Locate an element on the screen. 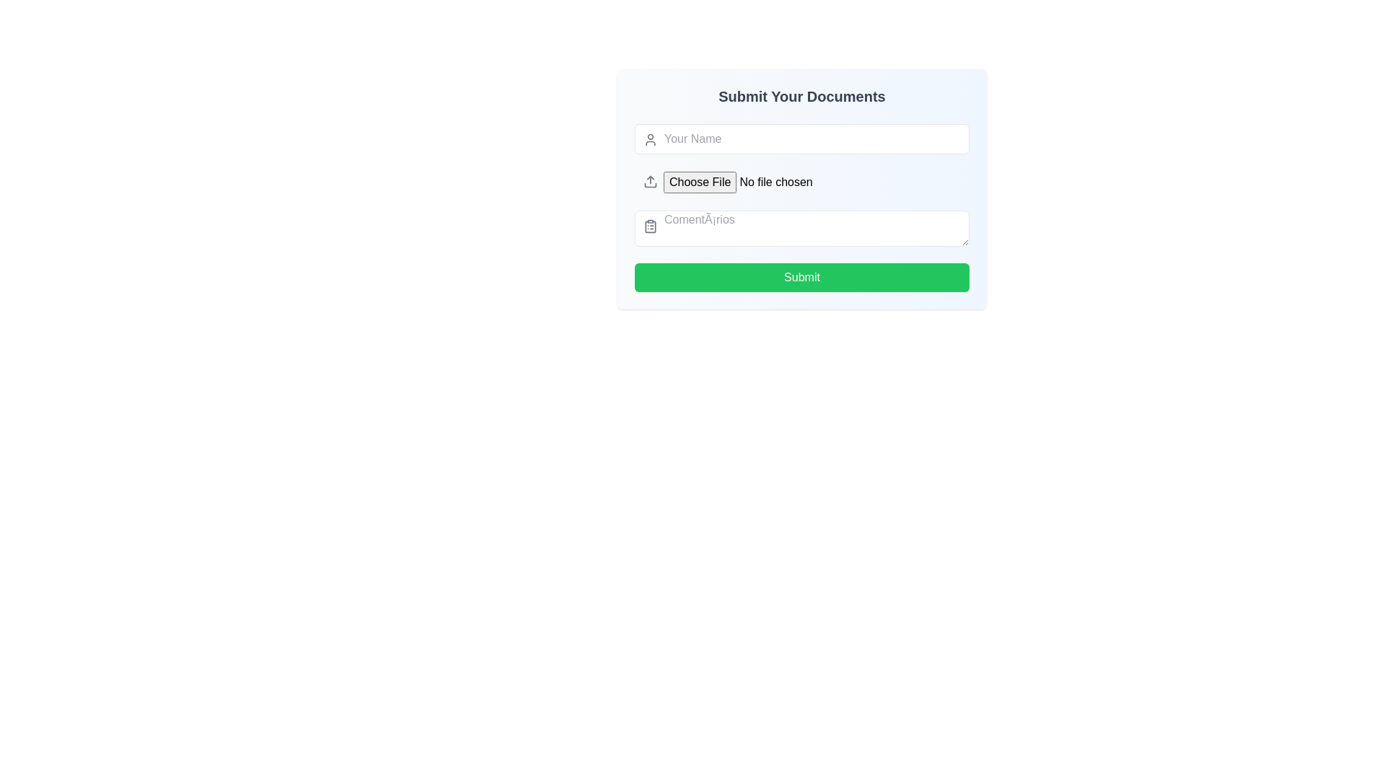 The image size is (1385, 779). the SVG graphical object representing the main body of the clipboard icon located in the upper-left corner of the 'Comentarios' textbox is located at coordinates (650, 226).